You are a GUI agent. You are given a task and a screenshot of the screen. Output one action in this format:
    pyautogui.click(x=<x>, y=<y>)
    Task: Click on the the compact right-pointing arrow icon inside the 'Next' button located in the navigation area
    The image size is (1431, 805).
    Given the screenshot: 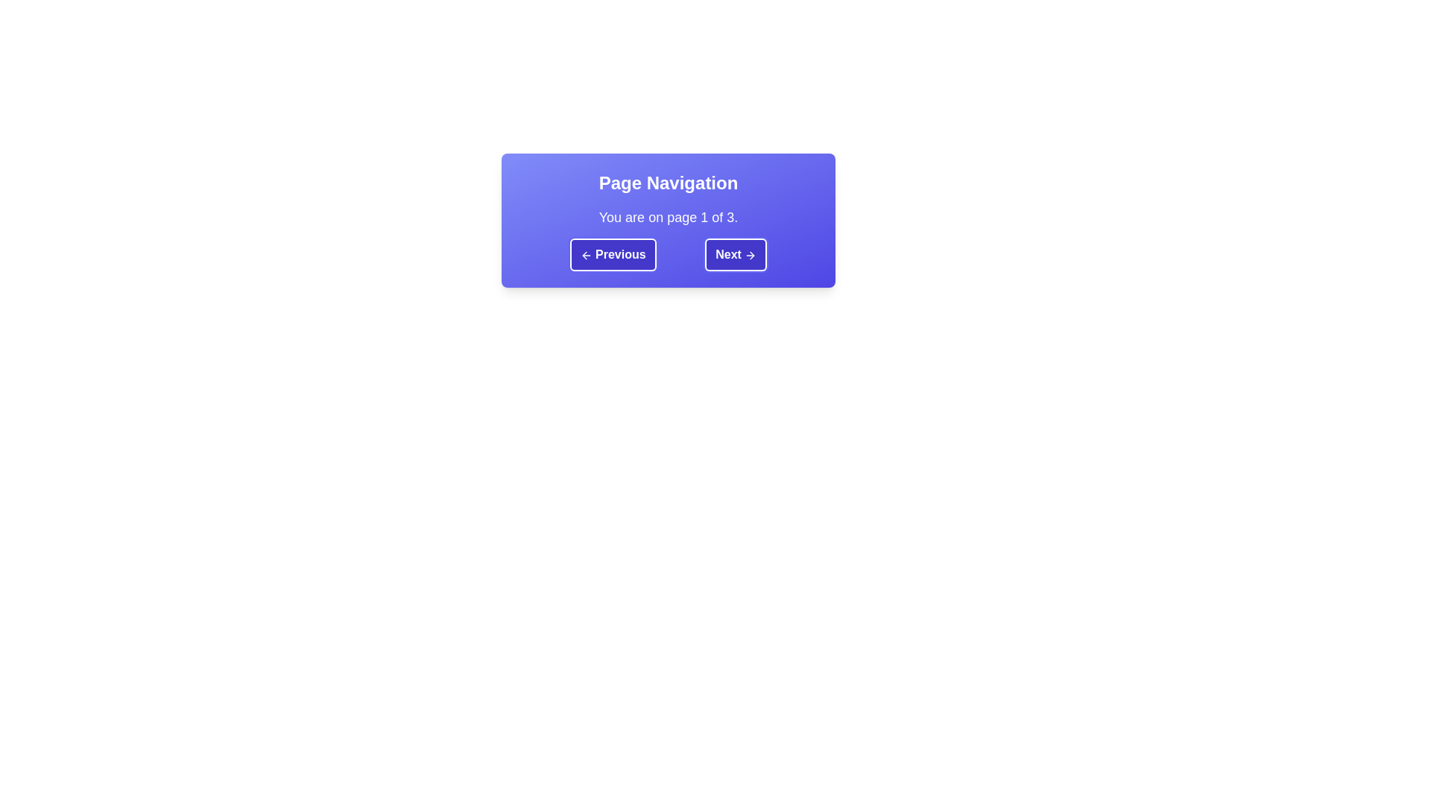 What is the action you would take?
    pyautogui.click(x=751, y=254)
    